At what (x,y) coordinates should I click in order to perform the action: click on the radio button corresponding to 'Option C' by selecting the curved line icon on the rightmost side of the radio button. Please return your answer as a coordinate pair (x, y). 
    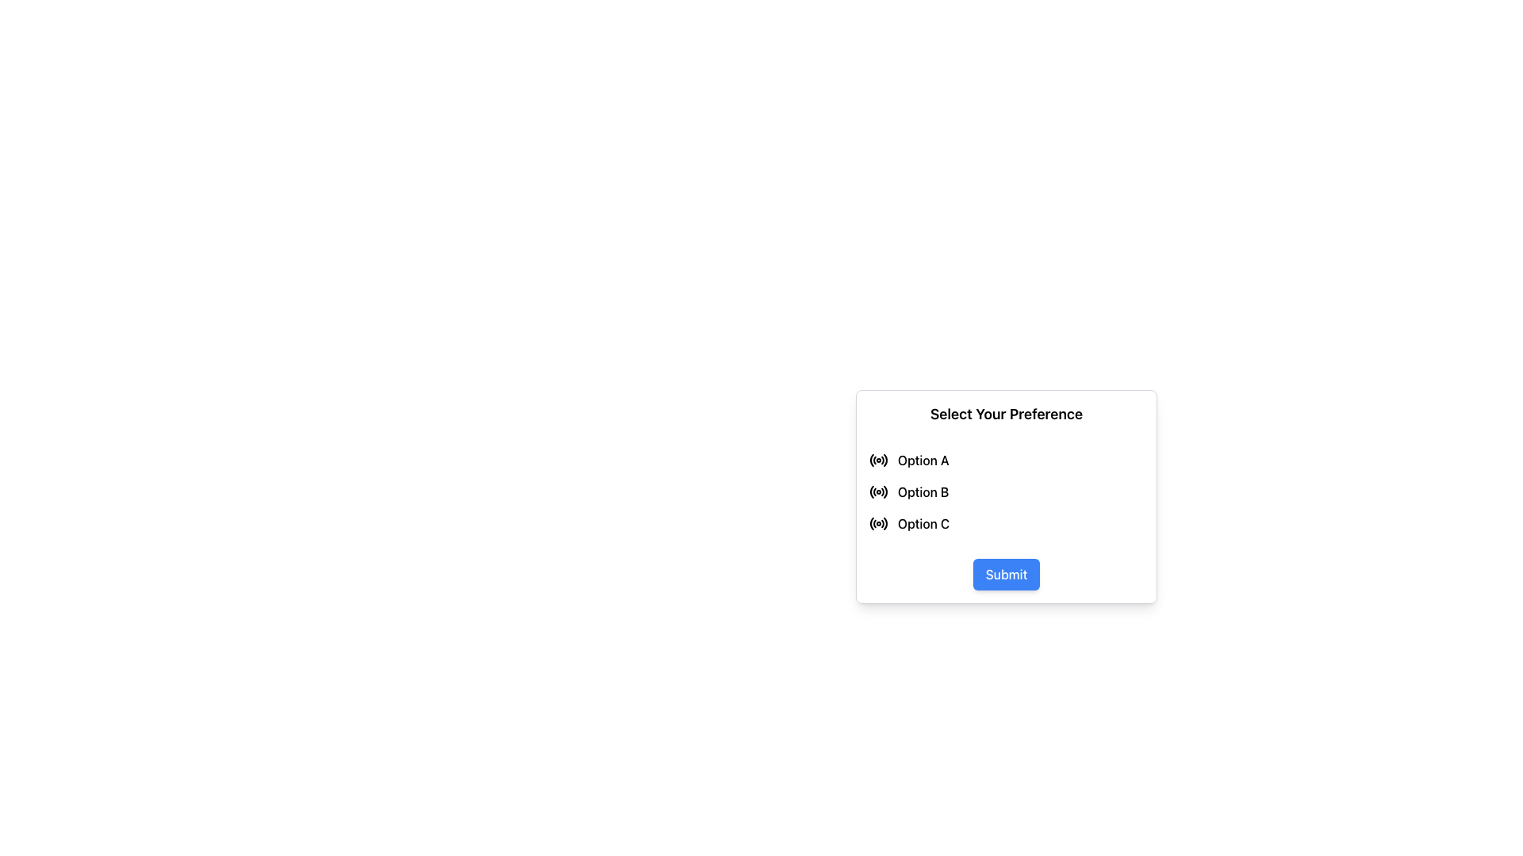
    Looking at the image, I should click on (884, 523).